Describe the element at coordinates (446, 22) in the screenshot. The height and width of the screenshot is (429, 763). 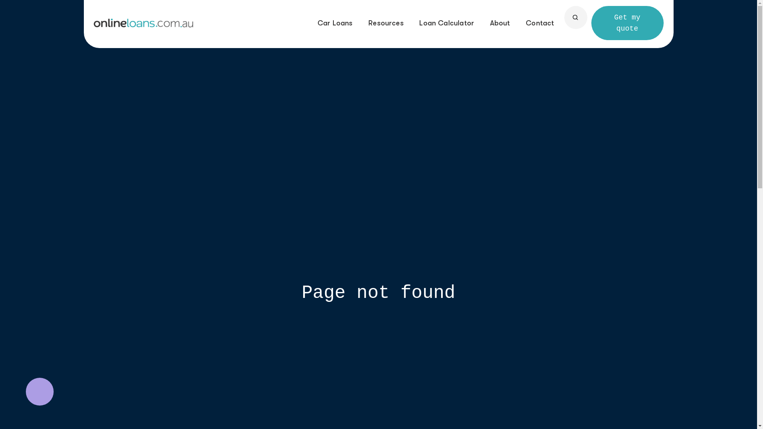
I see `'Loan Calculator'` at that location.